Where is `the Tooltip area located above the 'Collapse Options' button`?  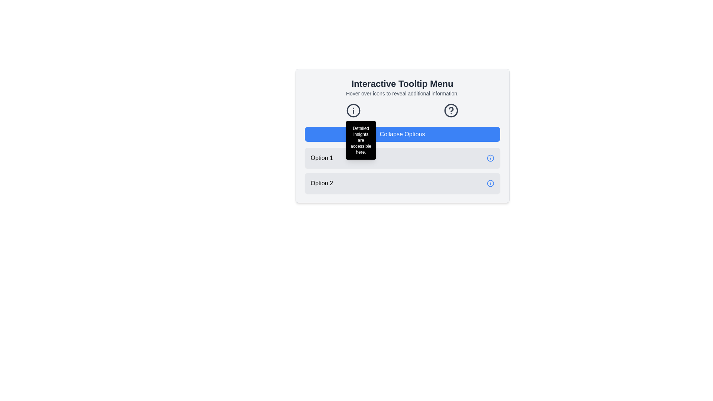 the Tooltip area located above the 'Collapse Options' button is located at coordinates (402, 110).